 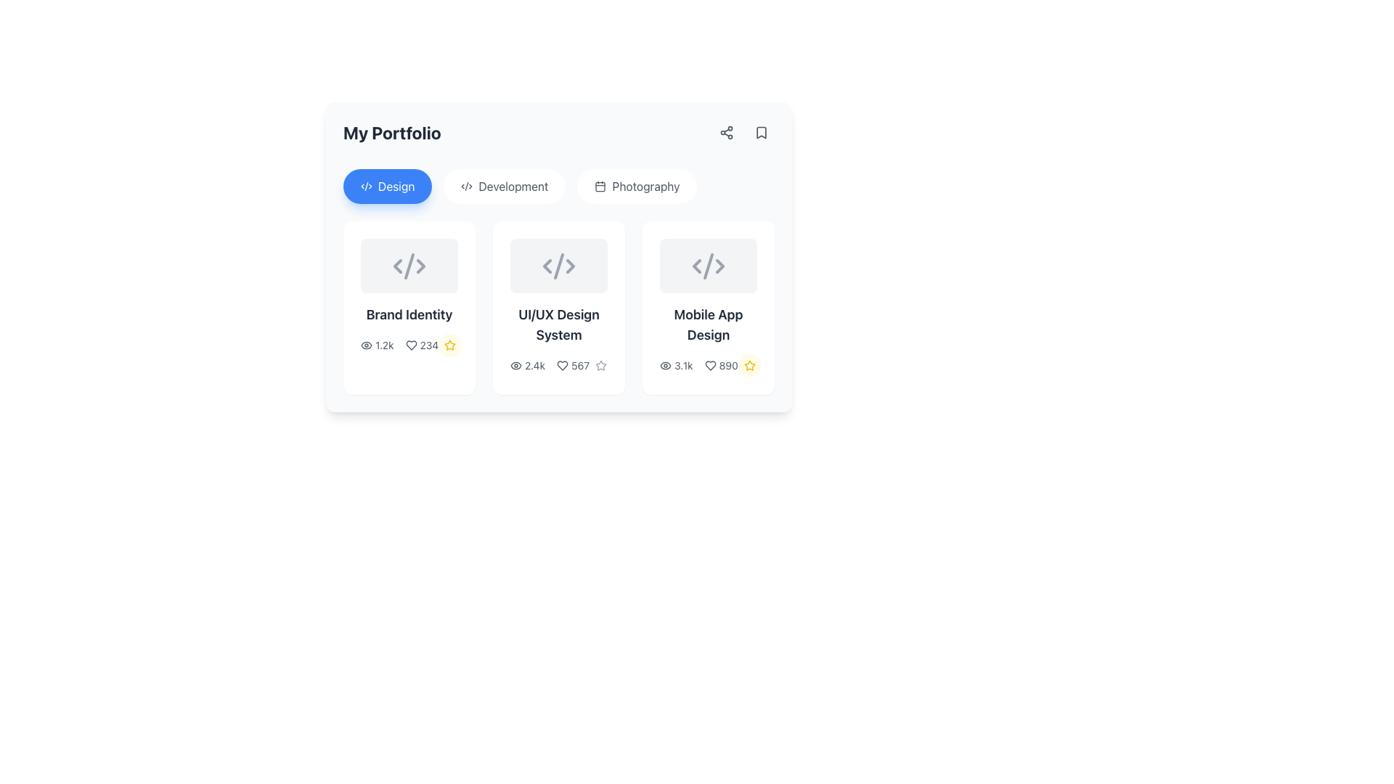 What do you see at coordinates (505, 186) in the screenshot?
I see `the 'Development' button located below the 'My Portfolio' heading` at bounding box center [505, 186].